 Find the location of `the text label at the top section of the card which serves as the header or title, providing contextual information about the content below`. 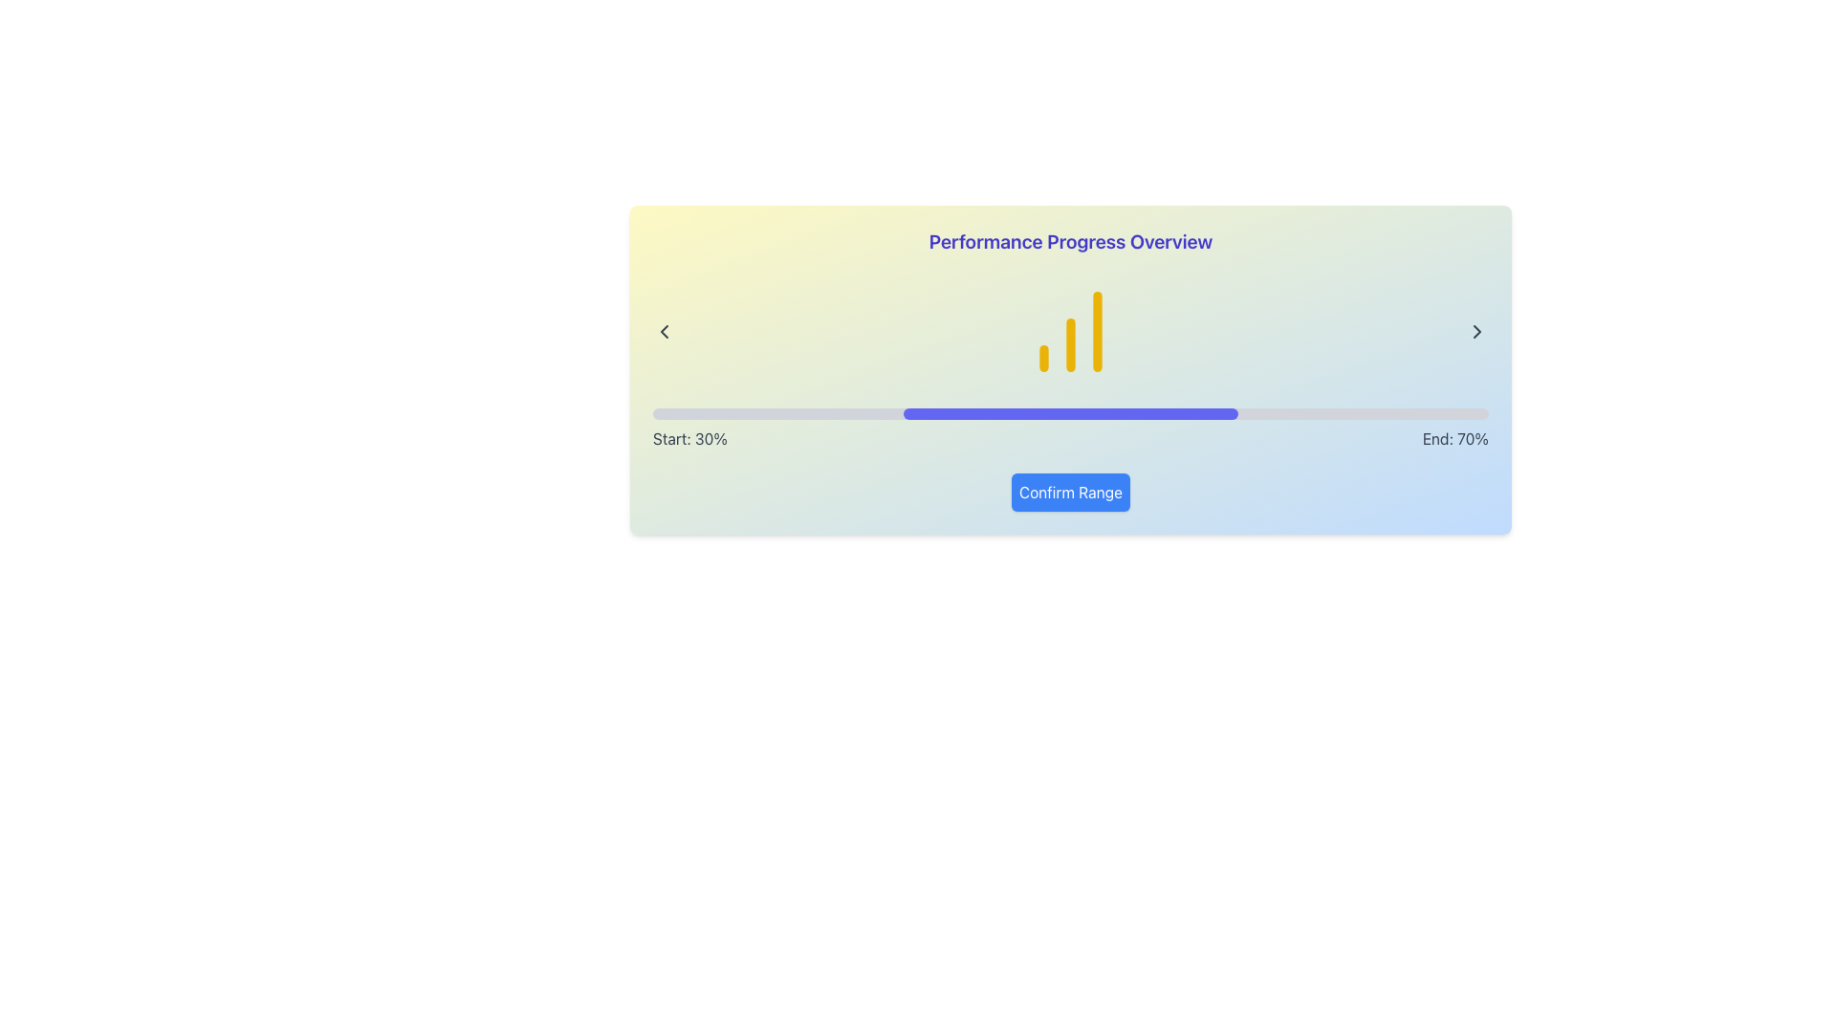

the text label at the top section of the card which serves as the header or title, providing contextual information about the content below is located at coordinates (1069, 241).